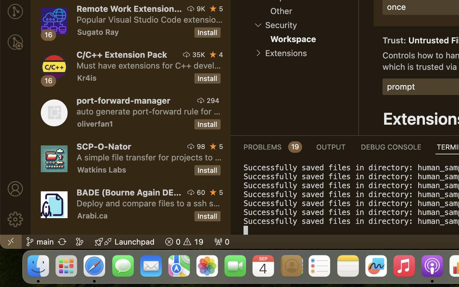 This screenshot has width=459, height=287. Describe the element at coordinates (286, 53) in the screenshot. I see `'Extensions'` at that location.